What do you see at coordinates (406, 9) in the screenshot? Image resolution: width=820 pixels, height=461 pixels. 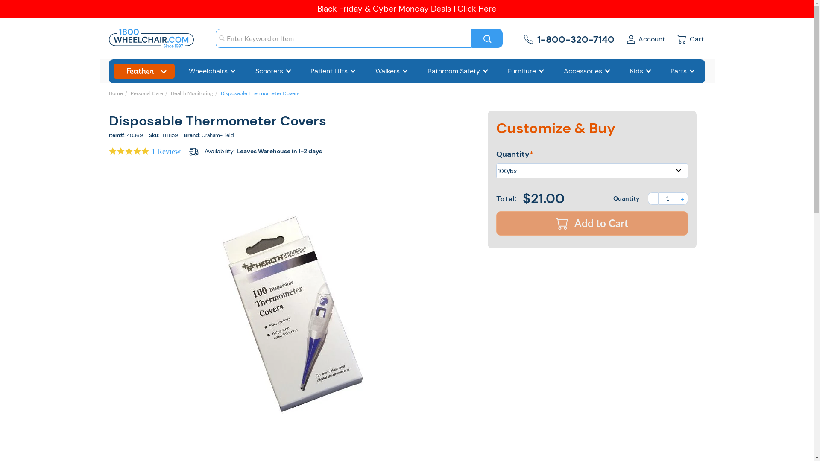 I see `'Black Friday & Cyber Monday Deals | Click Here'` at bounding box center [406, 9].